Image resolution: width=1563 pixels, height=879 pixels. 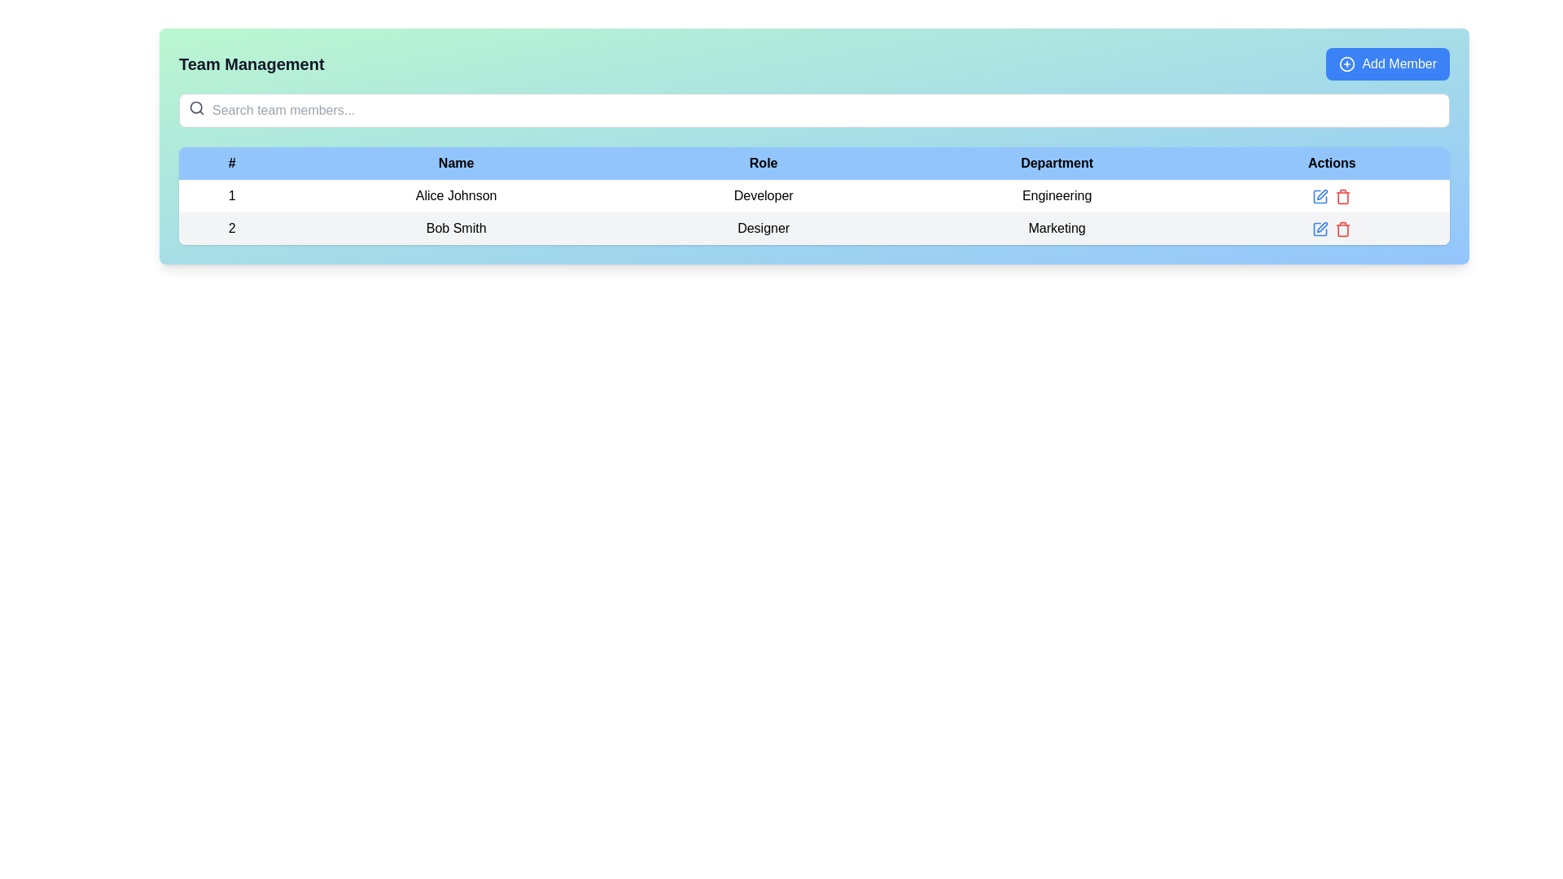 I want to click on the 'Role' column, which displays 'Designer' for the individual 'Bob Smith' in the second entry of the table, so click(x=763, y=229).